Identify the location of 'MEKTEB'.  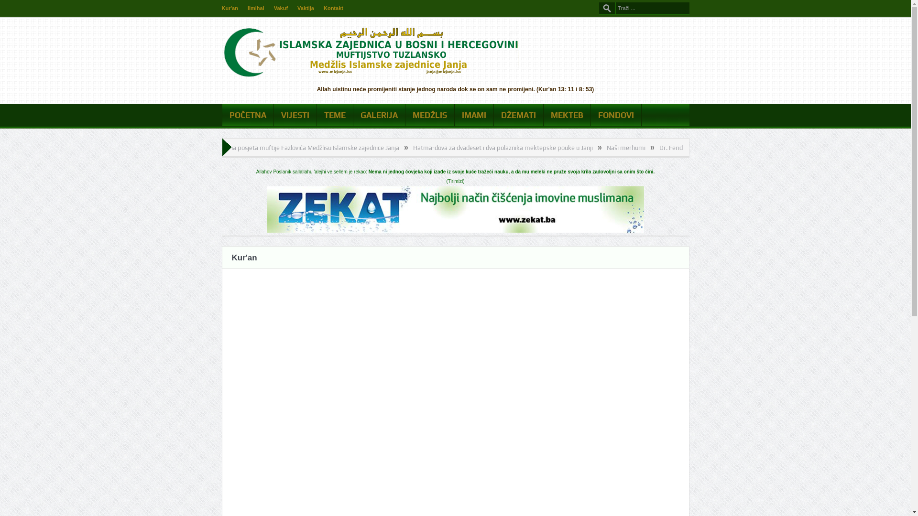
(567, 114).